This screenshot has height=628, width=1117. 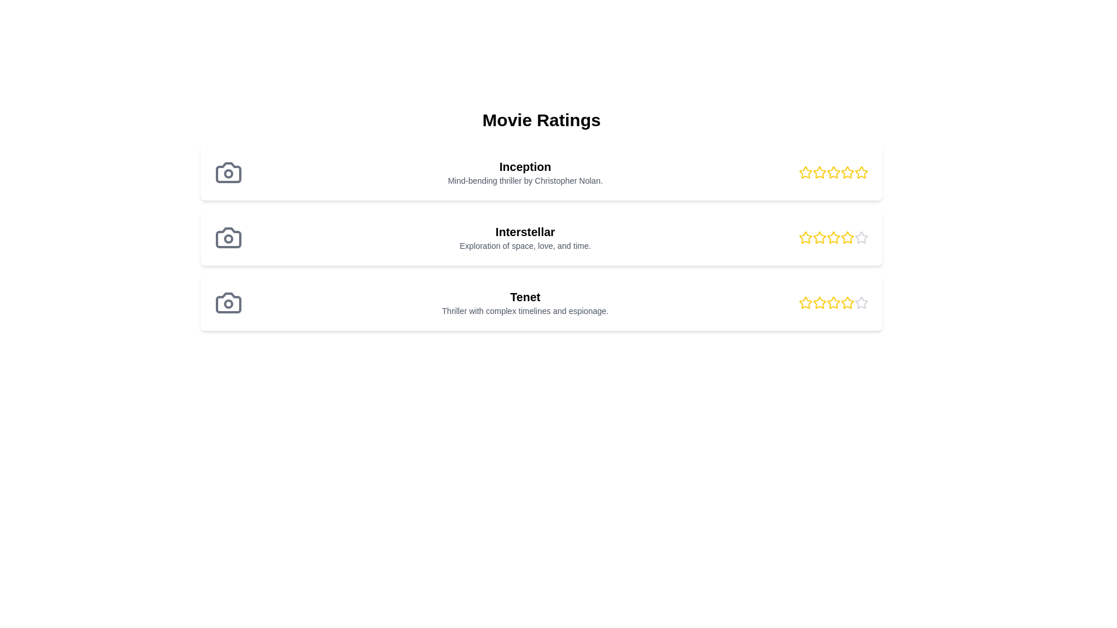 I want to click on the third star-shaped icon in the Rating Star Indicator for the 'Tenet' section to rate it, so click(x=819, y=302).